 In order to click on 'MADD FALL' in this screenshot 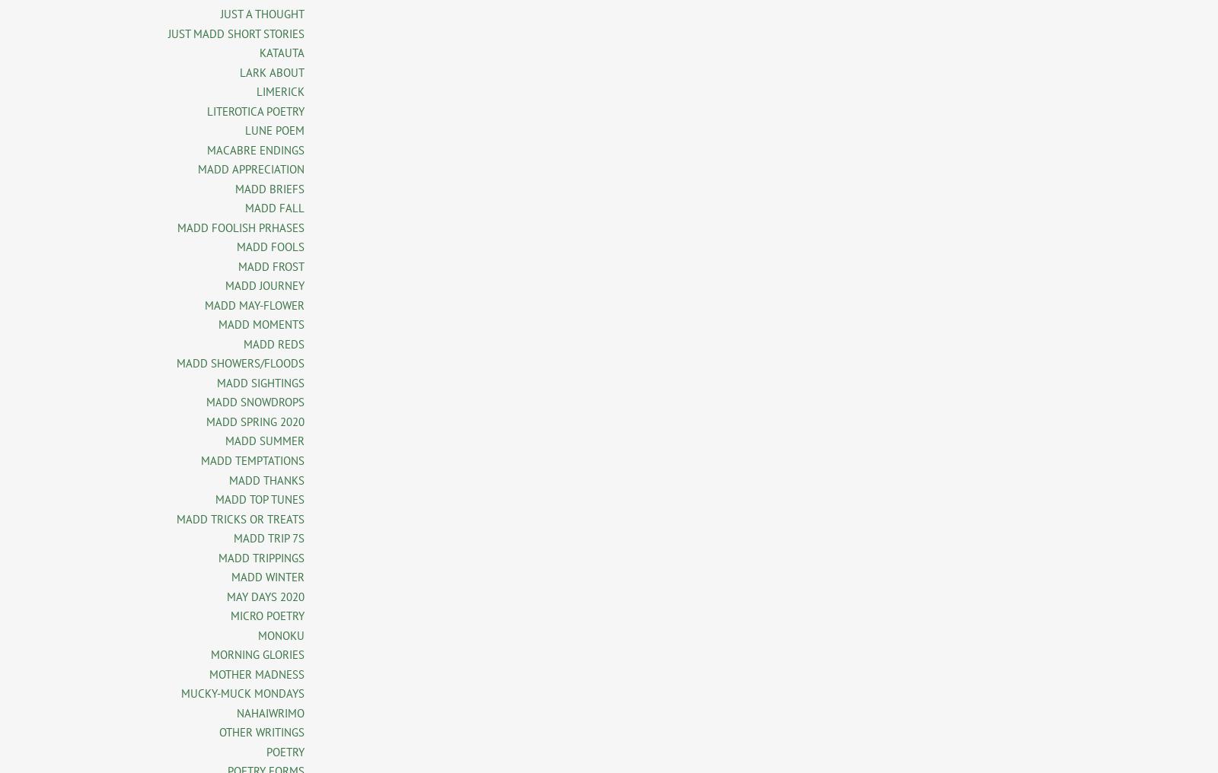, I will do `click(274, 207)`.